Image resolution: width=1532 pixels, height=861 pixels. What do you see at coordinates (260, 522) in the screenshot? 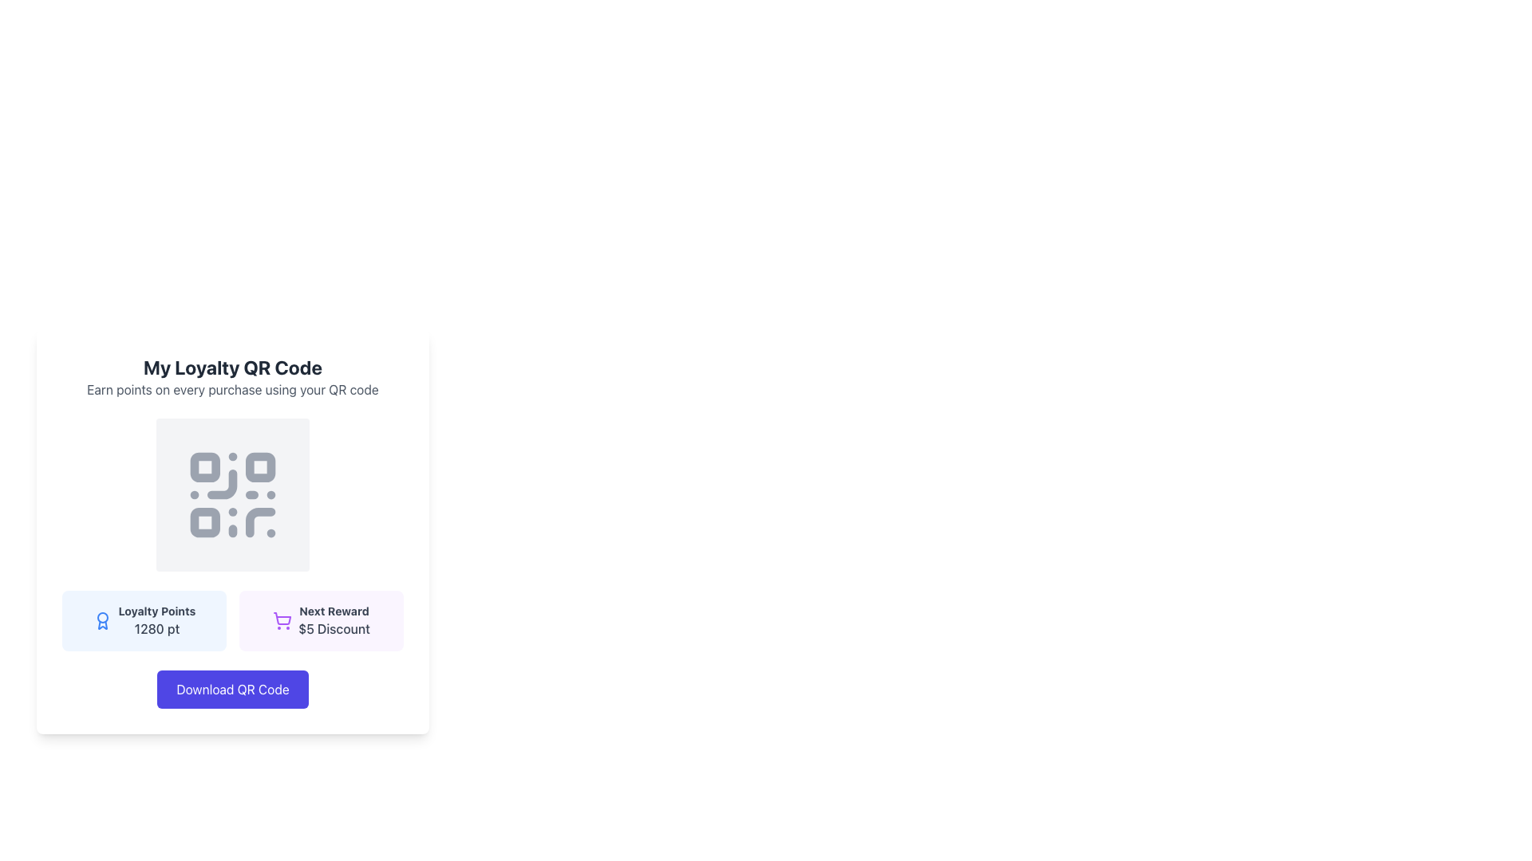
I see `the small vector representation forming part of the QR code illustration, specifically the rounded corner square located in the bottom-right section of the QR code` at bounding box center [260, 522].